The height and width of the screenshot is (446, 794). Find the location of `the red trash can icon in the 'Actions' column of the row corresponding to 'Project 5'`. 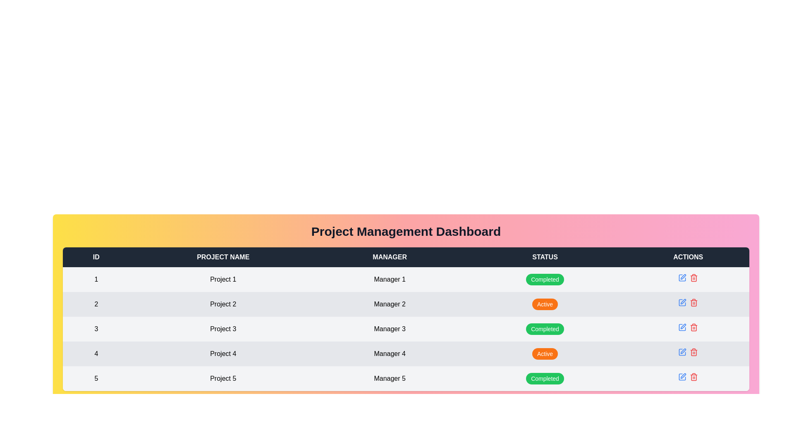

the red trash can icon in the 'Actions' column of the row corresponding to 'Project 5' is located at coordinates (688, 377).